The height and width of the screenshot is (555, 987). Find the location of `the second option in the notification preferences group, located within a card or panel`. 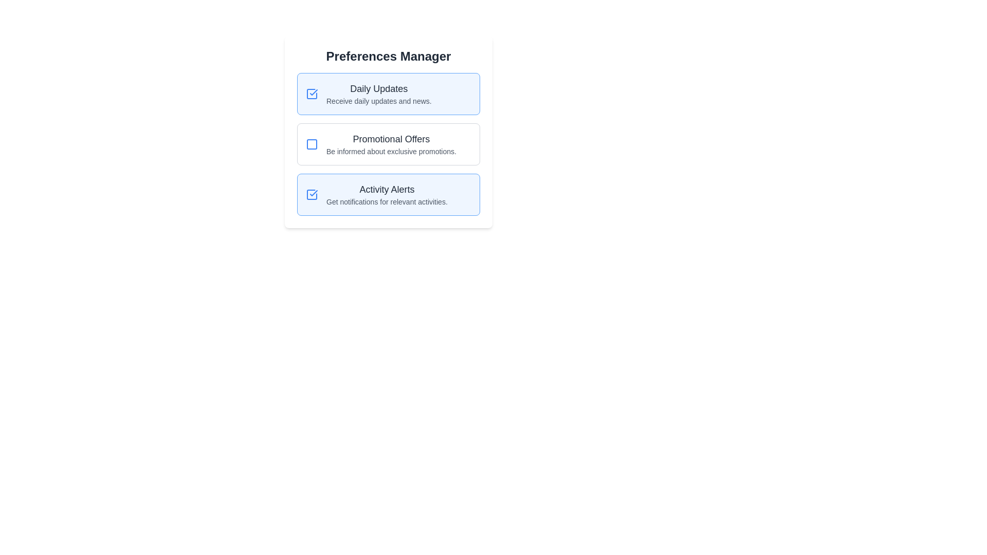

the second option in the notification preferences group, located within a card or panel is located at coordinates (388, 132).